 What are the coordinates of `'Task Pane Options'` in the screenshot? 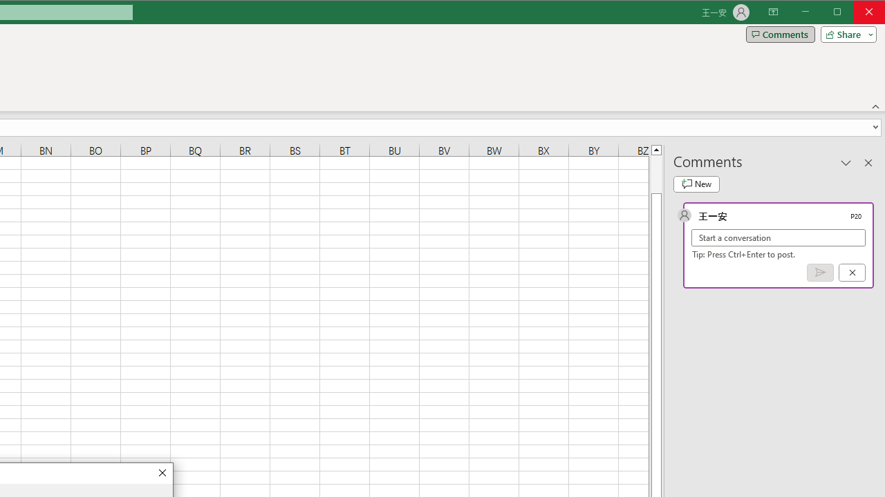 It's located at (846, 162).